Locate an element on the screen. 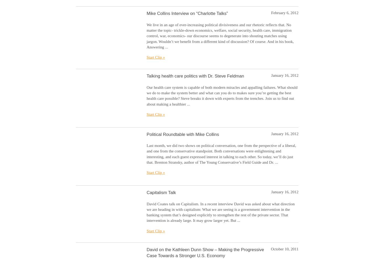 This screenshot has height=259, width=377. 'Talking health care politics with Dr. Steve Feldman' is located at coordinates (195, 76).